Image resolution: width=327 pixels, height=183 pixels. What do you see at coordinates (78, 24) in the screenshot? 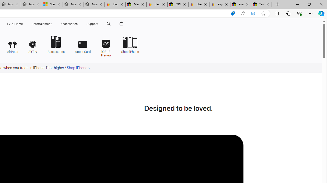
I see `'Accessories menu'` at bounding box center [78, 24].